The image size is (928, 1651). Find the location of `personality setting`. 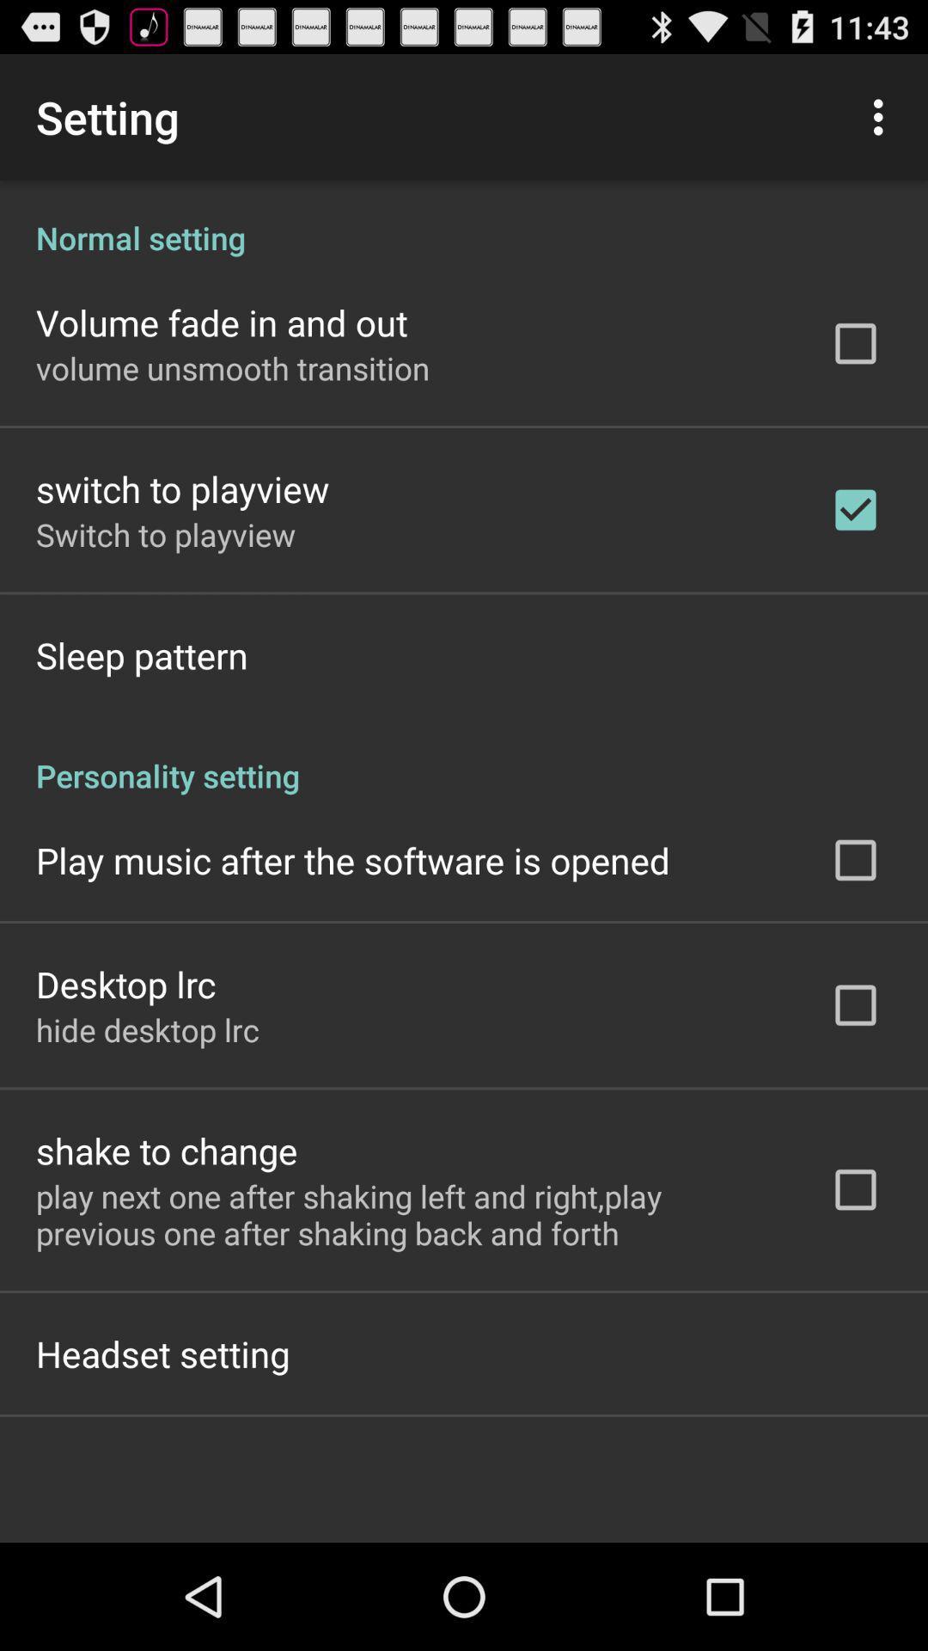

personality setting is located at coordinates (464, 757).